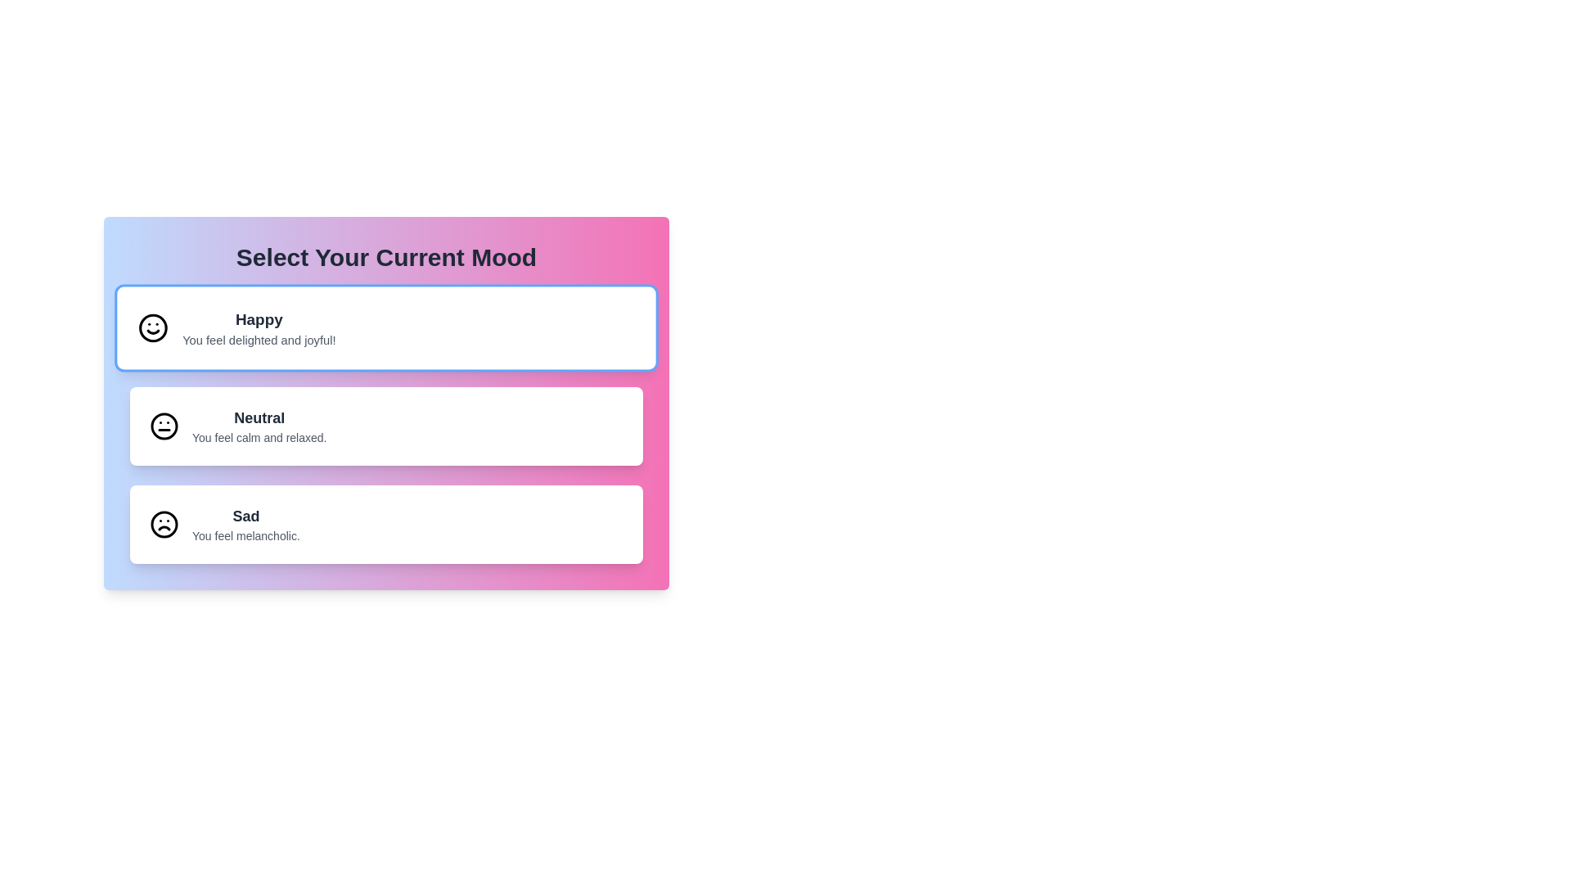 The width and height of the screenshot is (1571, 884). Describe the element at coordinates (258, 339) in the screenshot. I see `the informational text element that provides descriptive feedback about selecting the 'Happy' mood option, located beneath the title 'Happy' within its rectangular card` at that location.